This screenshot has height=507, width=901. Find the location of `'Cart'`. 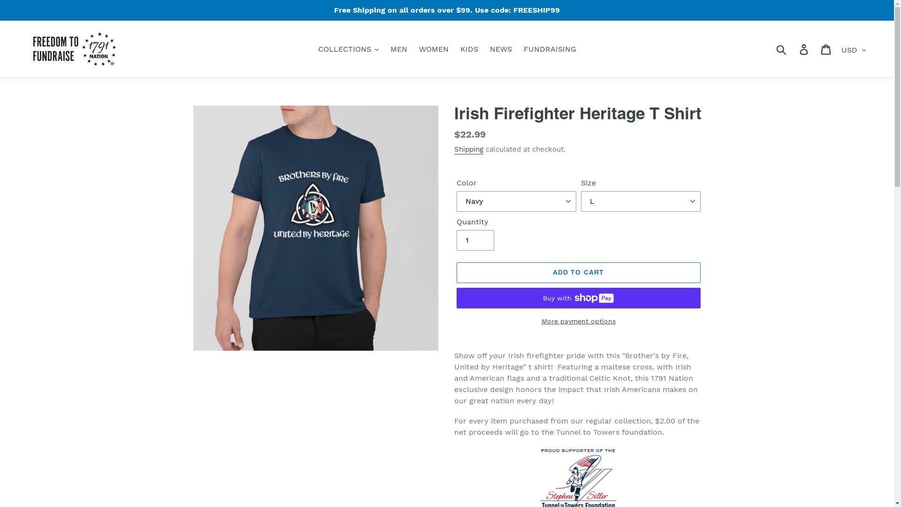

'Cart' is located at coordinates (826, 49).